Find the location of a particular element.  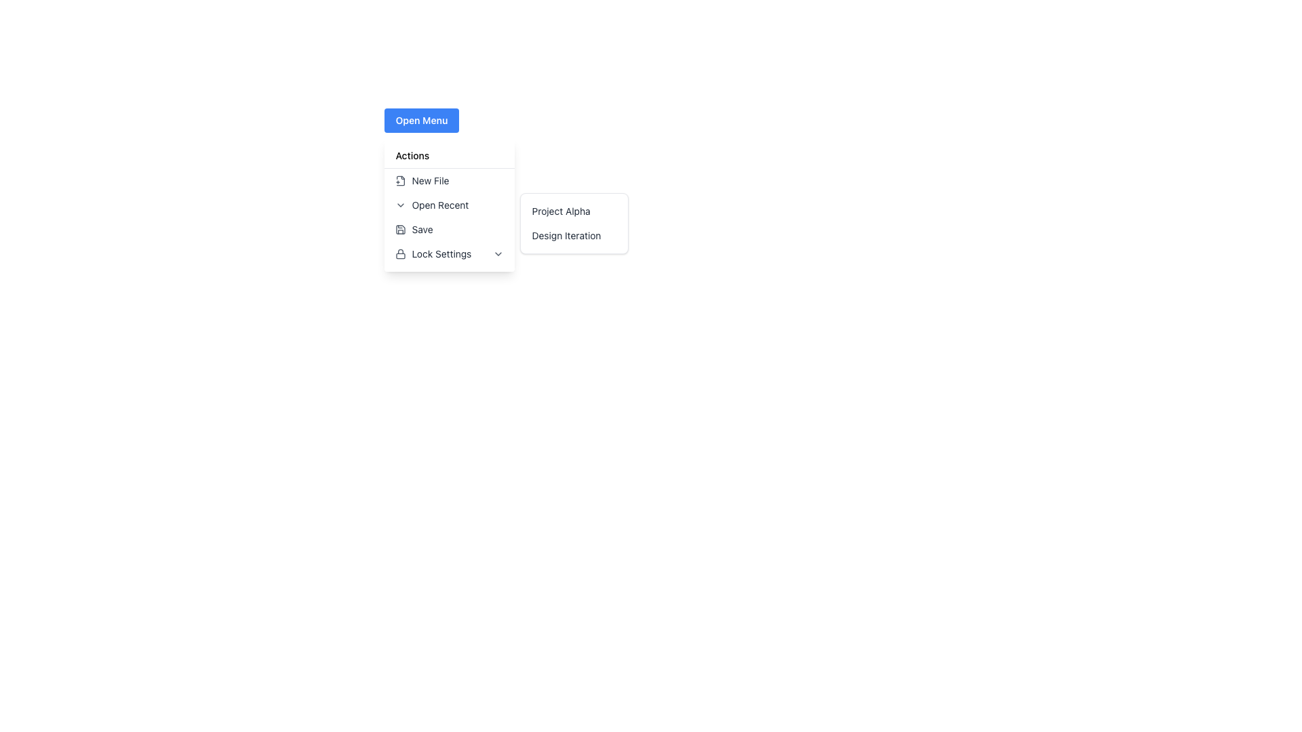

the rectangular button with a blue background and white text that says 'Open Menu' is located at coordinates (421, 119).